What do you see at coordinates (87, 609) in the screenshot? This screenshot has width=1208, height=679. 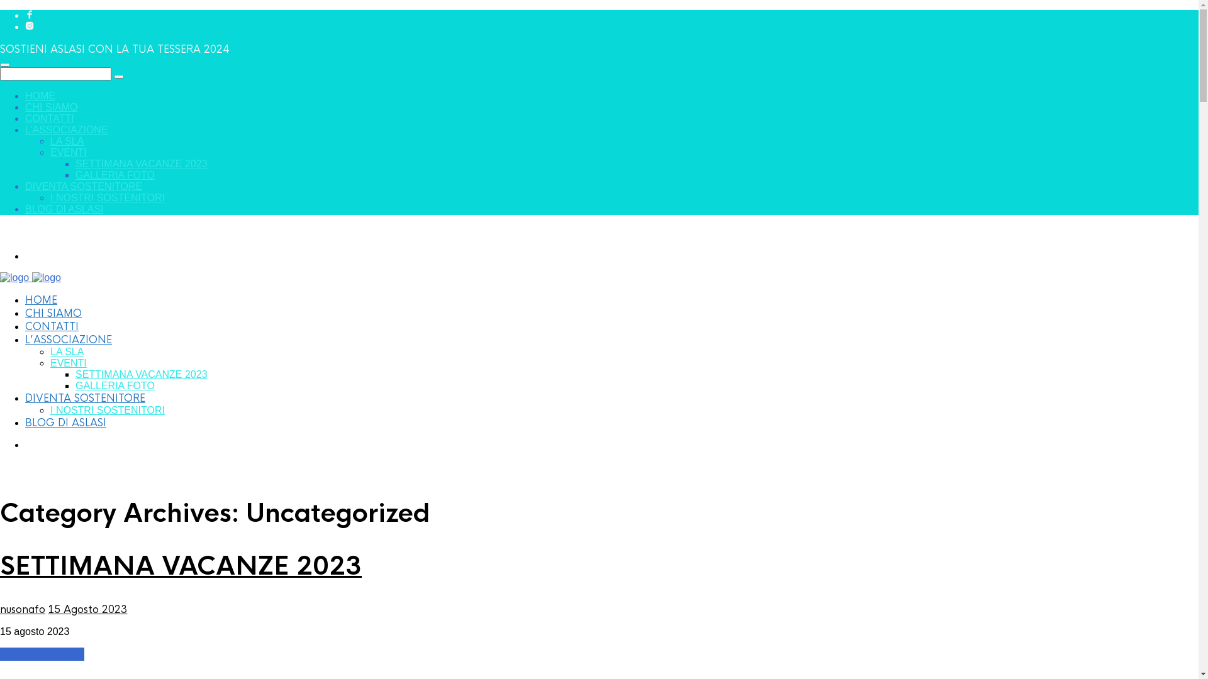 I see `'15 Agosto 2023'` at bounding box center [87, 609].